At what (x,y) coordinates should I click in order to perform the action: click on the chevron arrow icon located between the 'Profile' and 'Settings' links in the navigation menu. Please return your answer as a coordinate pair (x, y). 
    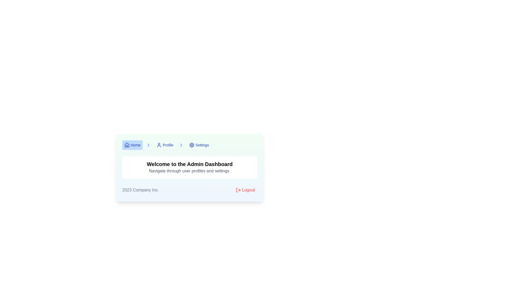
    Looking at the image, I should click on (148, 145).